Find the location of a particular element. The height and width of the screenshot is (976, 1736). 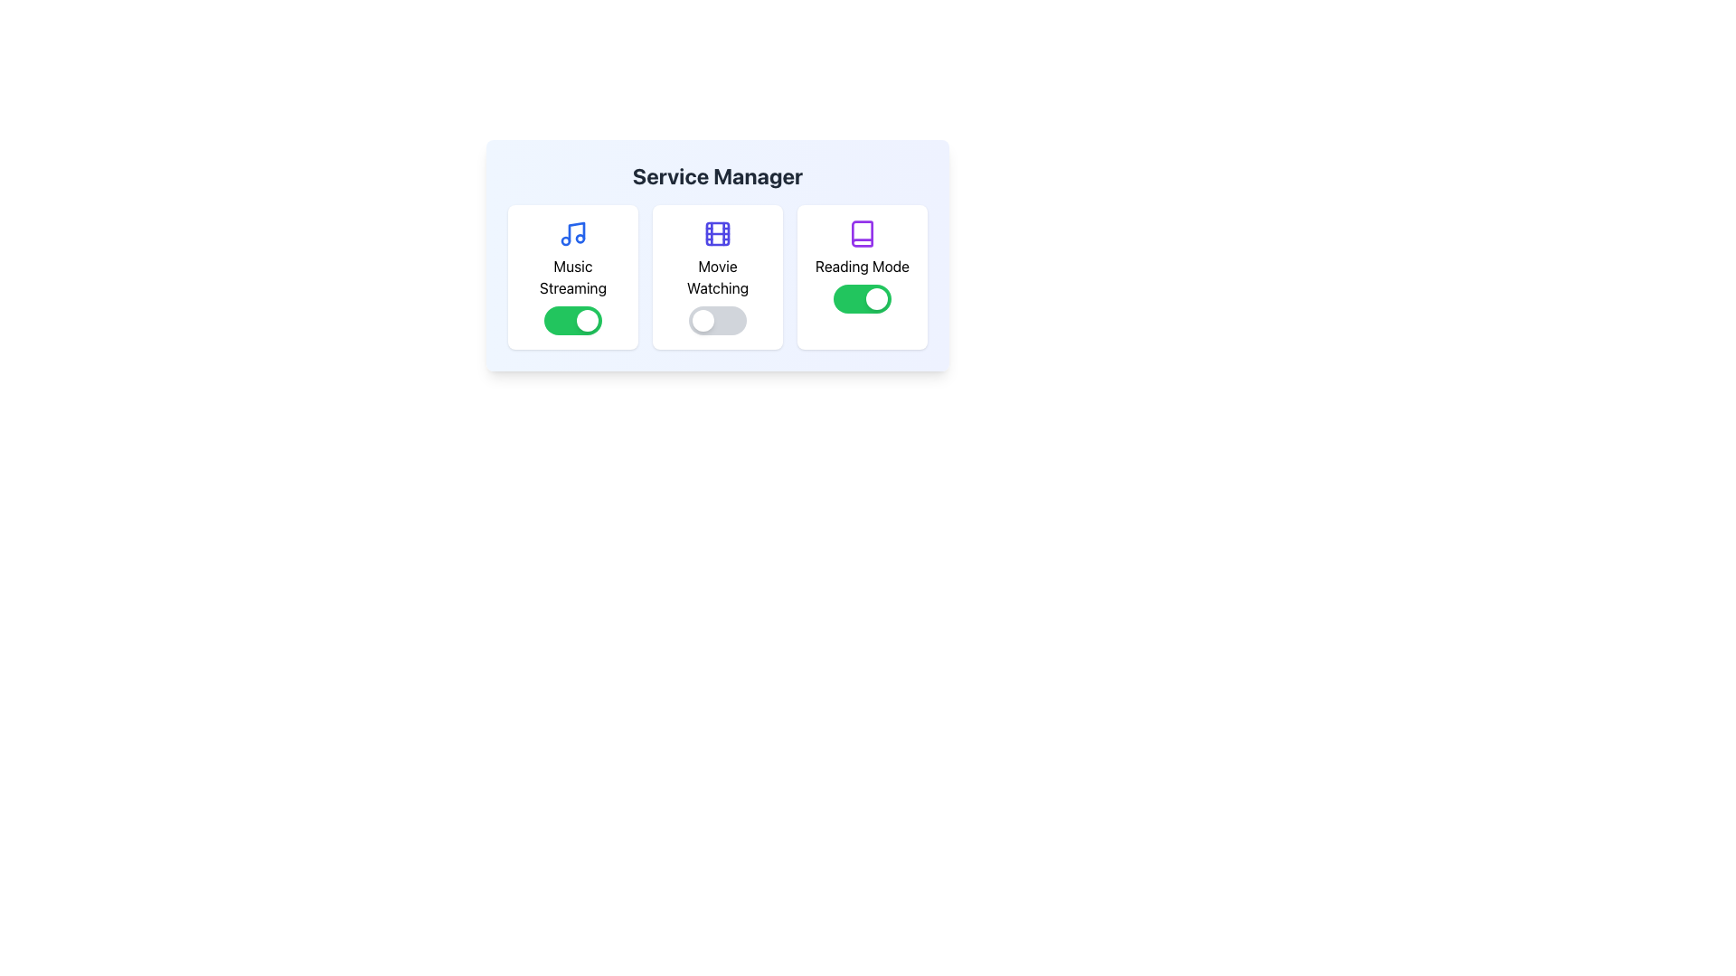

the toggle knob that represents the 'on' state of the Music Streaming feature, located on the right-hand side of the toggle switch under the 'Music Streaming' label is located at coordinates (587, 319).